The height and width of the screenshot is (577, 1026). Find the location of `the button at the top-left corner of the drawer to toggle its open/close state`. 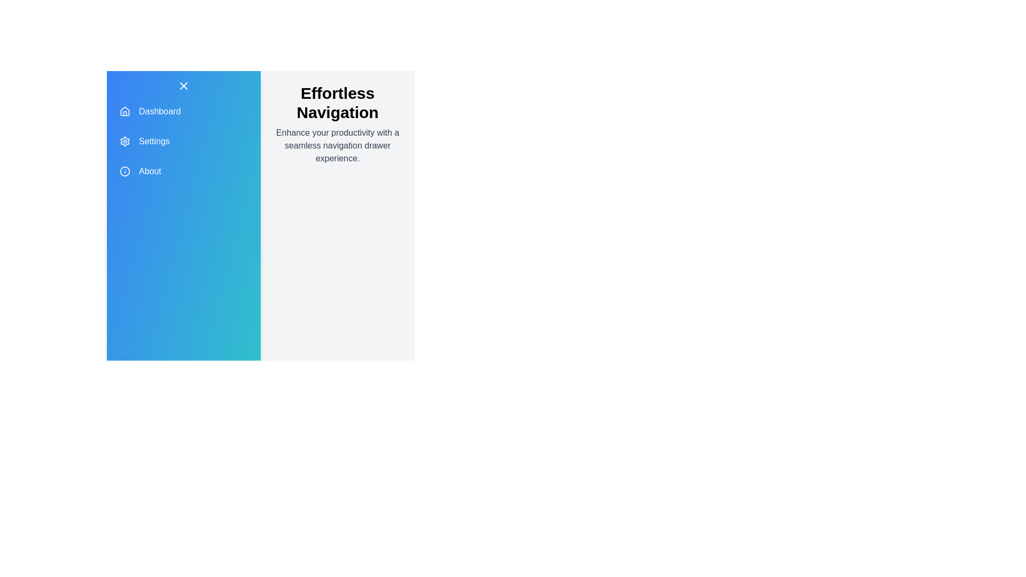

the button at the top-left corner of the drawer to toggle its open/close state is located at coordinates (184, 85).